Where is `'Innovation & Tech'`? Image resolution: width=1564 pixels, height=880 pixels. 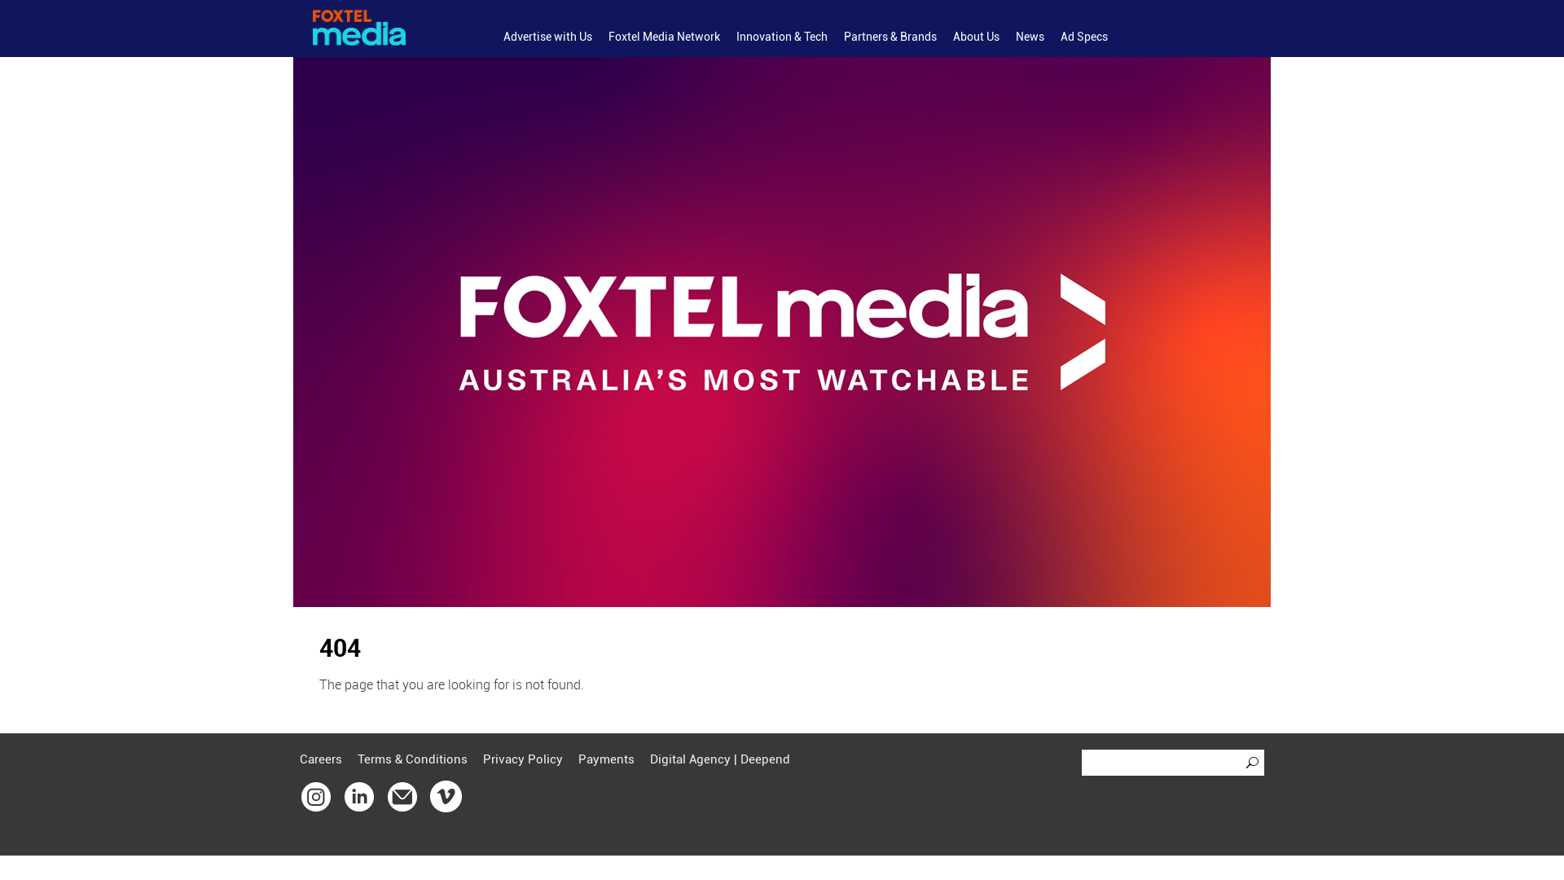 'Innovation & Tech' is located at coordinates (782, 37).